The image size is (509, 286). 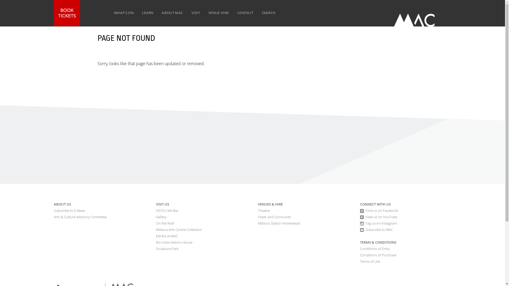 What do you see at coordinates (156, 229) in the screenshot?
I see `'Mildura Arts Centre Collection'` at bounding box center [156, 229].